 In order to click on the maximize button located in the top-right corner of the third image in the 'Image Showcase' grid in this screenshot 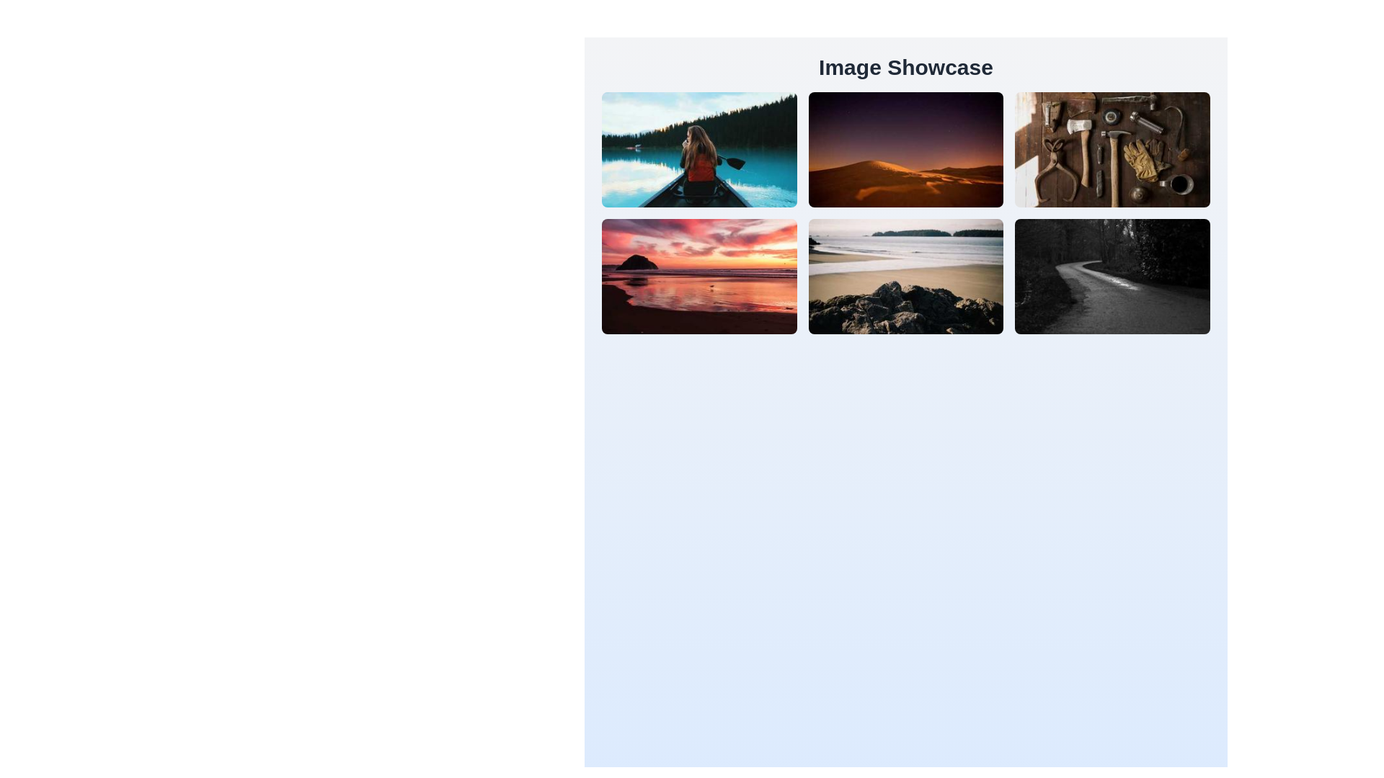, I will do `click(1112, 150)`.